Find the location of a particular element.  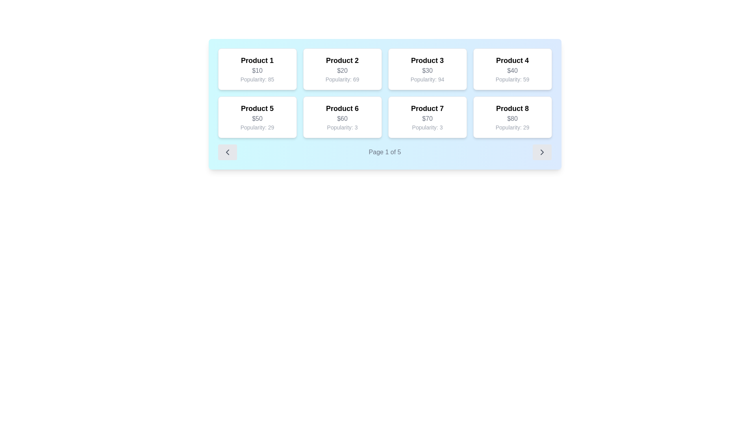

the text label displaying the monetary value '$10', which is located beneath the title 'Product 1' in a minimalistic card design is located at coordinates (257, 71).